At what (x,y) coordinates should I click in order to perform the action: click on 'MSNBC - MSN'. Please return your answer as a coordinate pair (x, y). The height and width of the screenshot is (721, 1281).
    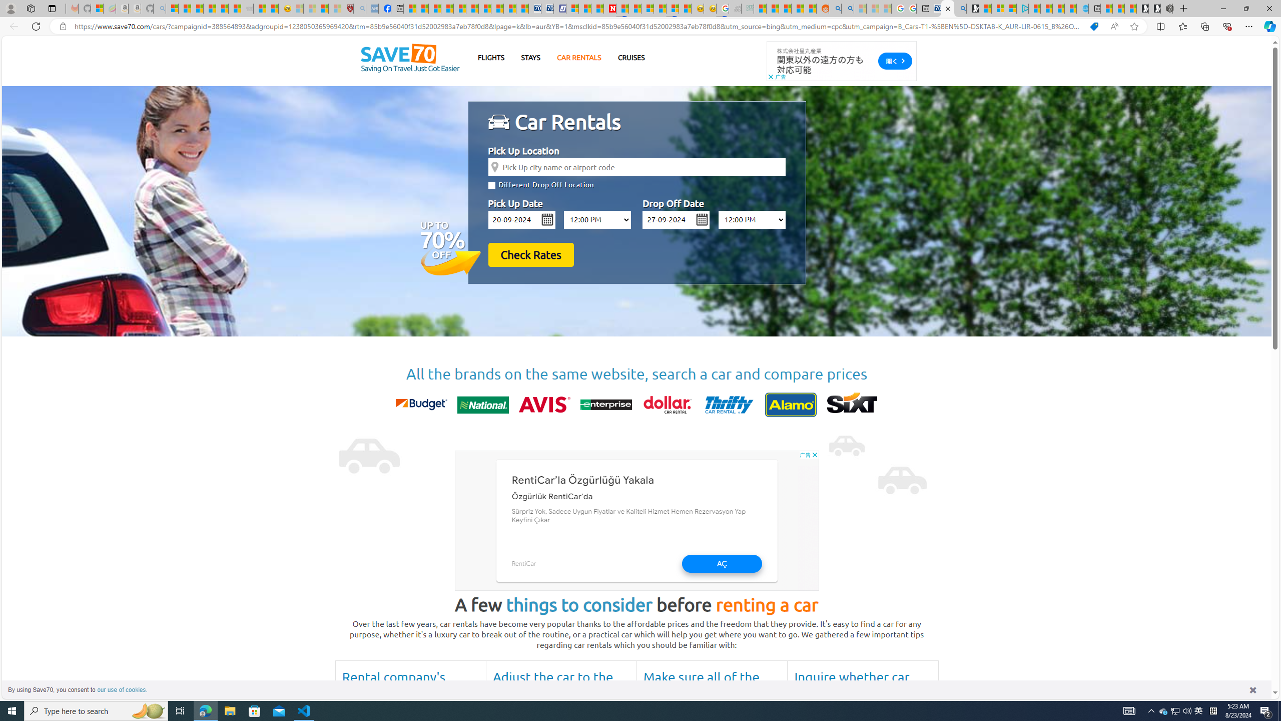
    Looking at the image, I should click on (760, 8).